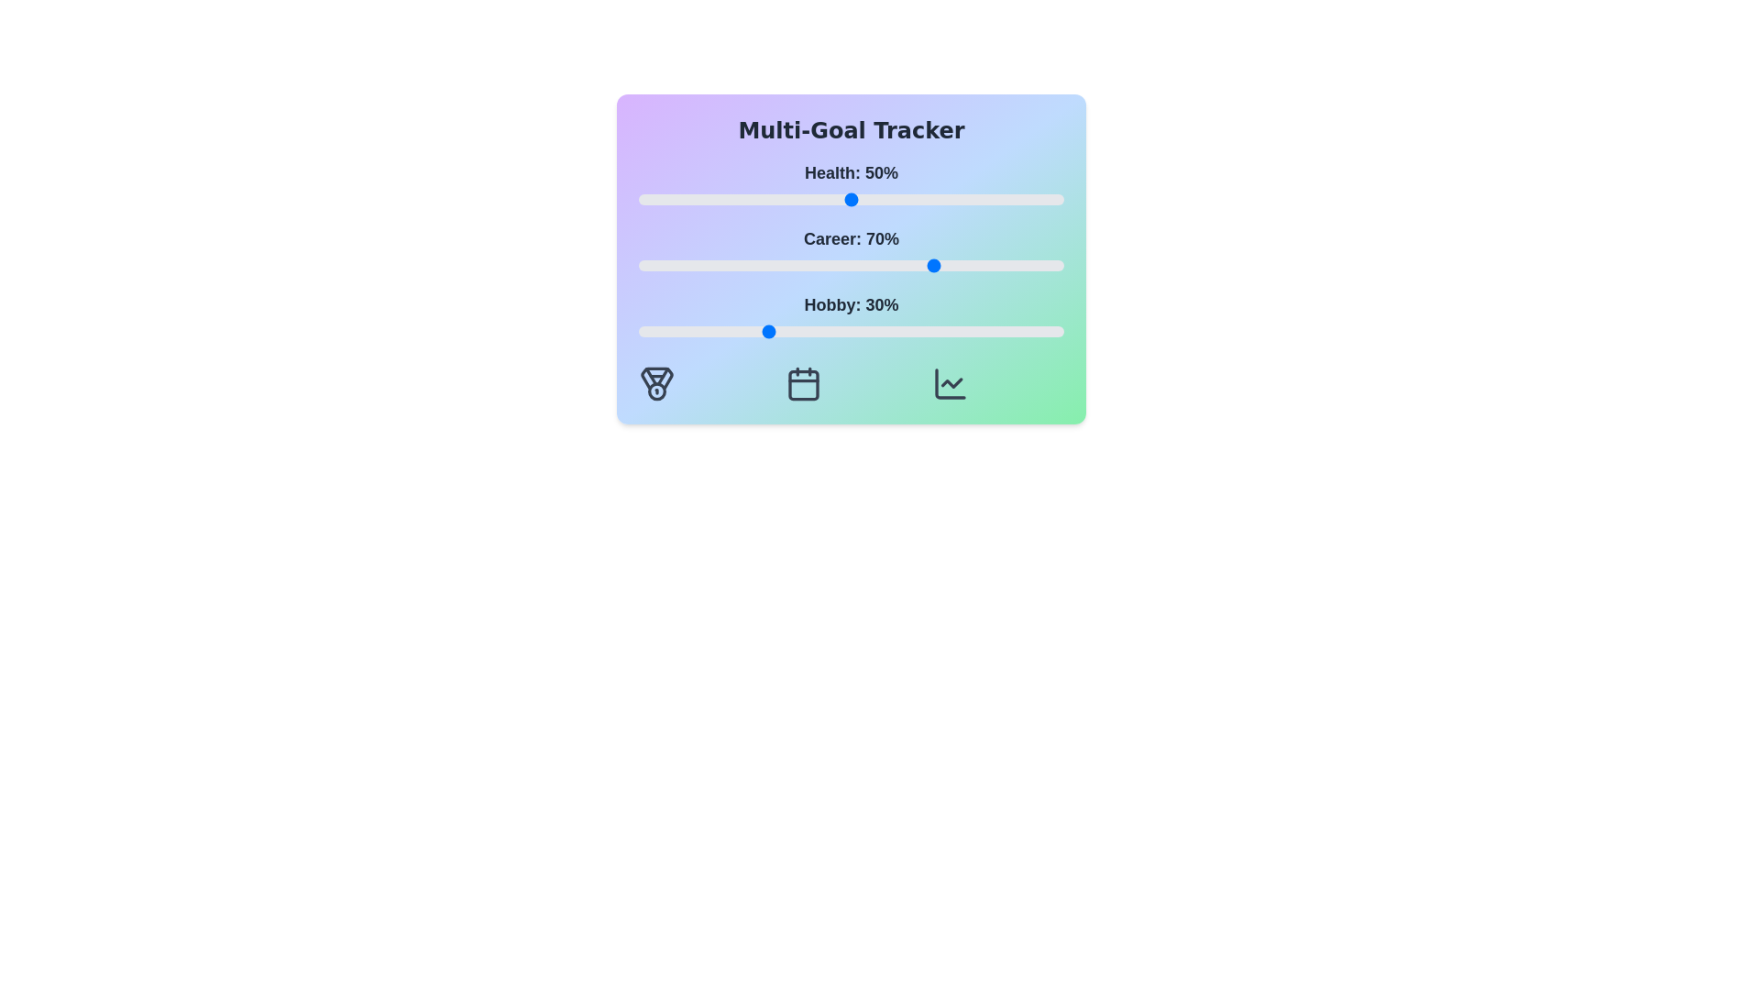 Image resolution: width=1760 pixels, height=990 pixels. I want to click on the 'Hobby' slider to 70%, so click(936, 332).